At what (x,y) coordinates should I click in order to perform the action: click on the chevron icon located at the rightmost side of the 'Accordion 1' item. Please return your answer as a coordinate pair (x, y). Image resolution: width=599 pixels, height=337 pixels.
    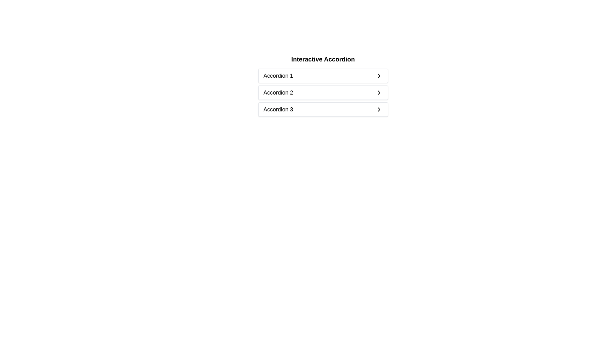
    Looking at the image, I should click on (378, 76).